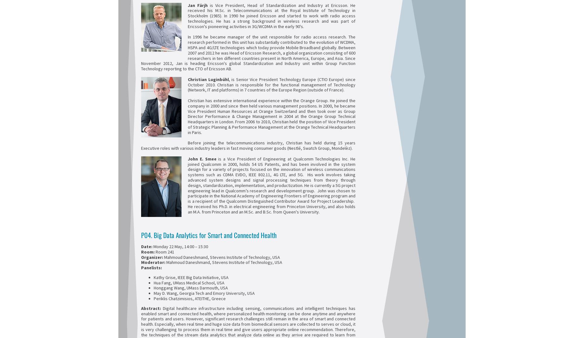 The height and width of the screenshot is (338, 584). I want to click on 'is a Vice President of Engineering at Qualcomm Technologies Inc. He joined Qualcomm in 2000, holds 54 US Patents, and has been involved in the system design for a variety of projects focused on the innovation of wireless communications systems such as CDMA EVDO, IEEE 802.11, 4G LTE, and 5G.  His work involves taking advanced system designs and signal processing techniques from theory through design, standardization, implementation, and productization. He is currently a 5G project engineering lead in Qualcomm’s research and development group.  John was chosen to participate in the National Academy of Engineering Frontiers of Engineering program and is a recipient of the Qualcomm Distinguished Contributor Award for Project Leadership.  He received his Ph.D. in electrical engineering from Princeton University, and also holds an M.A. from Princeton and an M.Sc. and B.Sc. from Queen's University.', so click(271, 185).